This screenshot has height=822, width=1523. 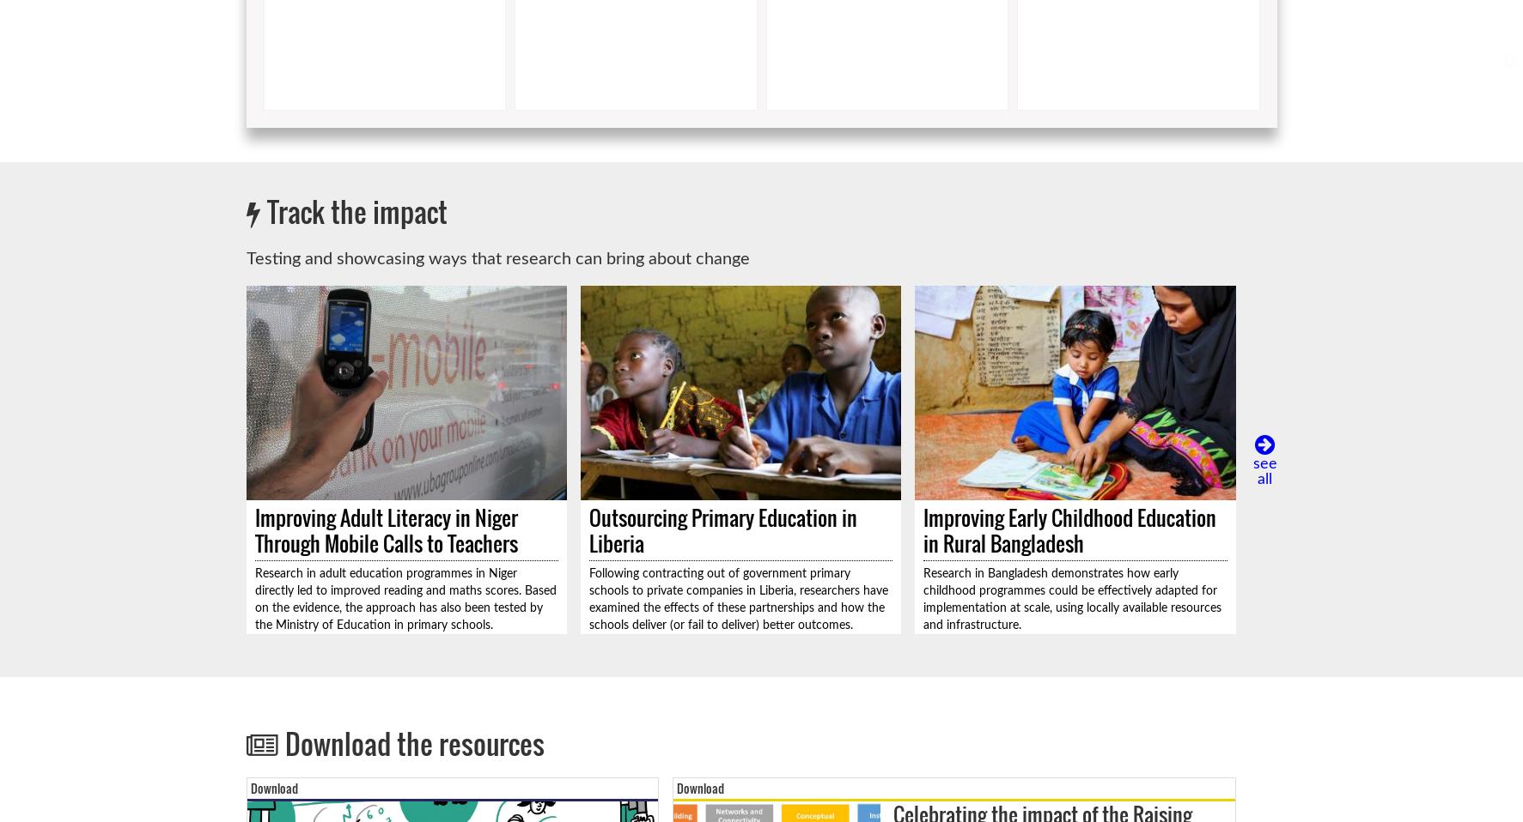 I want to click on 'Track the impact', so click(x=265, y=211).